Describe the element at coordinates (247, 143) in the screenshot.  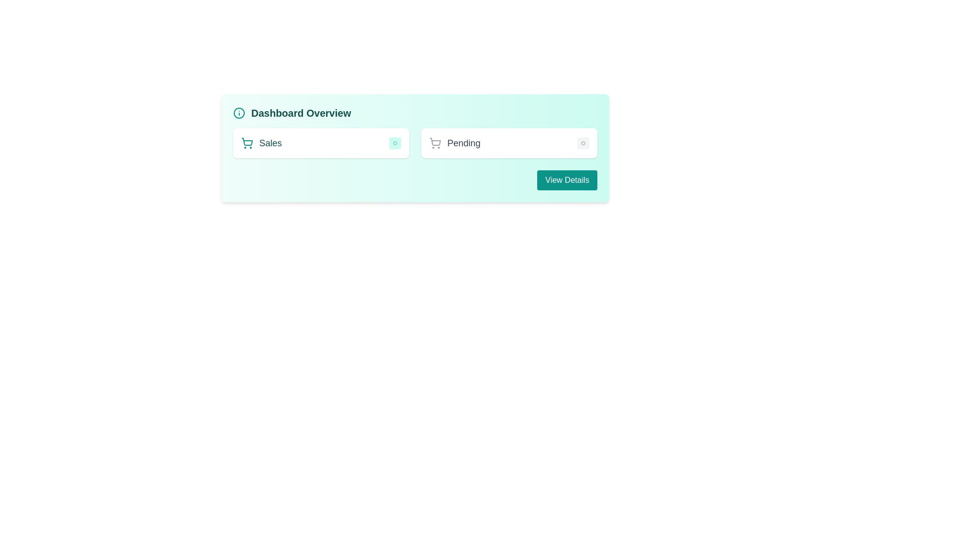
I see `the shopping cart icon, which is a teal-green color and is located to the left of the 'Sales' label text in the sales section of the interface` at that location.